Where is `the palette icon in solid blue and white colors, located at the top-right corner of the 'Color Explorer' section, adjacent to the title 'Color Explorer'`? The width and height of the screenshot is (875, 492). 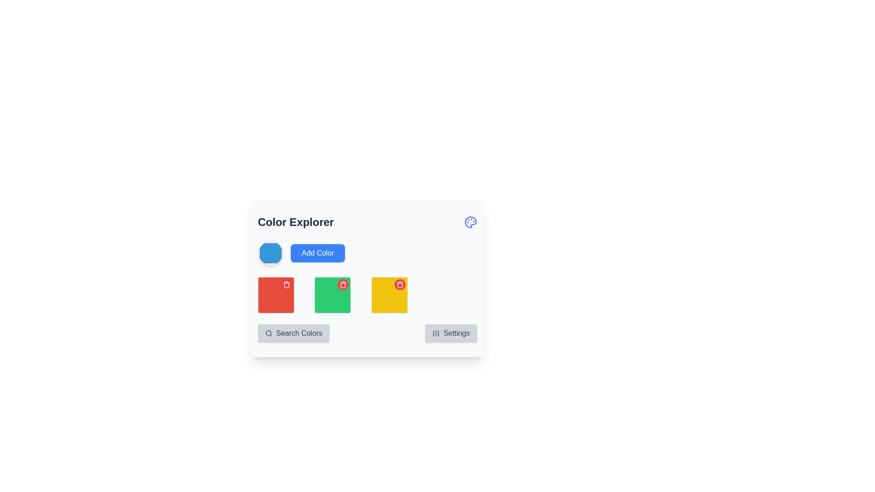
the palette icon in solid blue and white colors, located at the top-right corner of the 'Color Explorer' section, adjacent to the title 'Color Explorer' is located at coordinates (470, 222).